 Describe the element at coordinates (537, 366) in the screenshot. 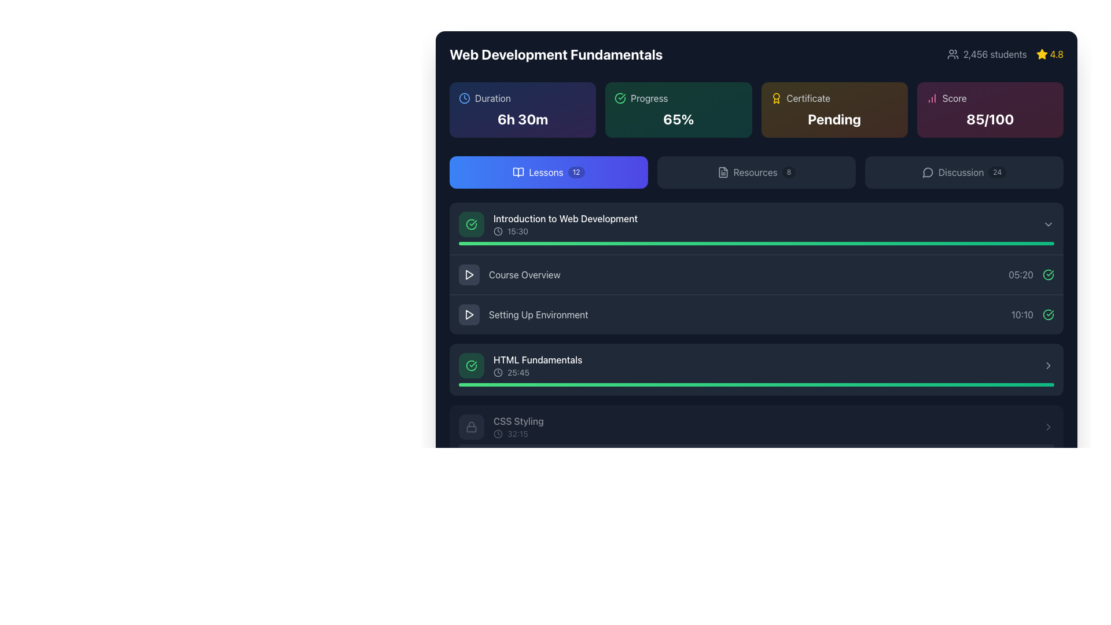

I see `the list item displaying 'HTML Fundamentals' with the clock icon` at that location.